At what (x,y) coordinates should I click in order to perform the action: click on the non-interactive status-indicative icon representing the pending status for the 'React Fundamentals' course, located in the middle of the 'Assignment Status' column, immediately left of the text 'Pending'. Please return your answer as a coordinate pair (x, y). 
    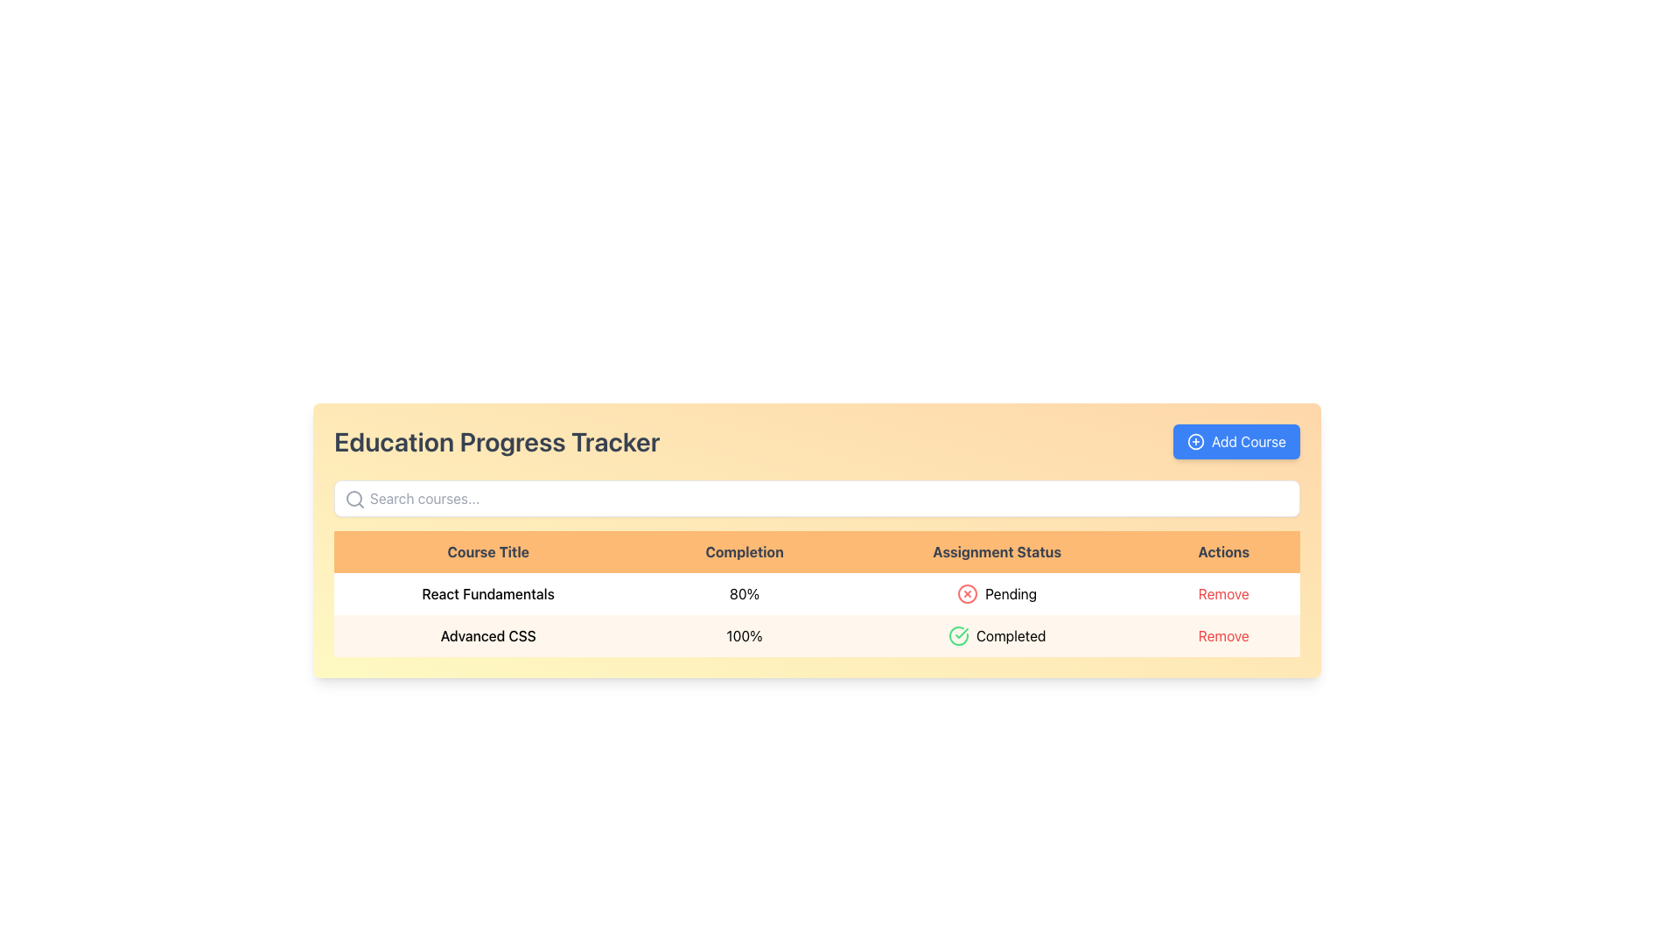
    Looking at the image, I should click on (967, 592).